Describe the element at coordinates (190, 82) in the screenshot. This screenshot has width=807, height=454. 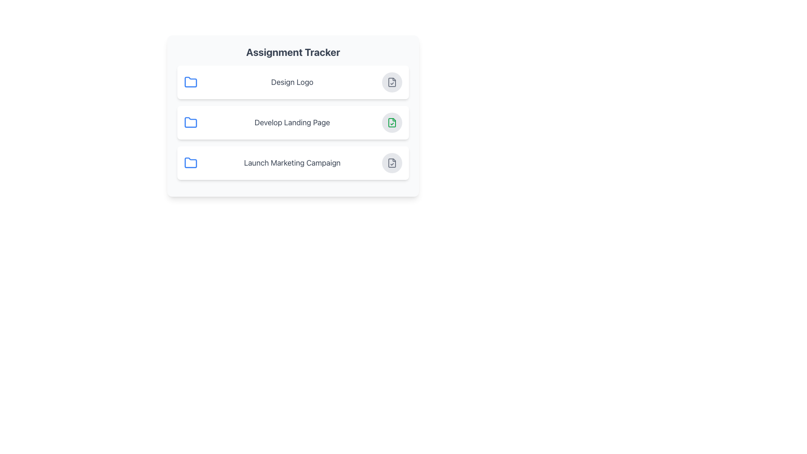
I see `the folder icon representing the 'Design Logo' category, which is the first icon in the list and positioned to the left of the text 'Design Logo'` at that location.